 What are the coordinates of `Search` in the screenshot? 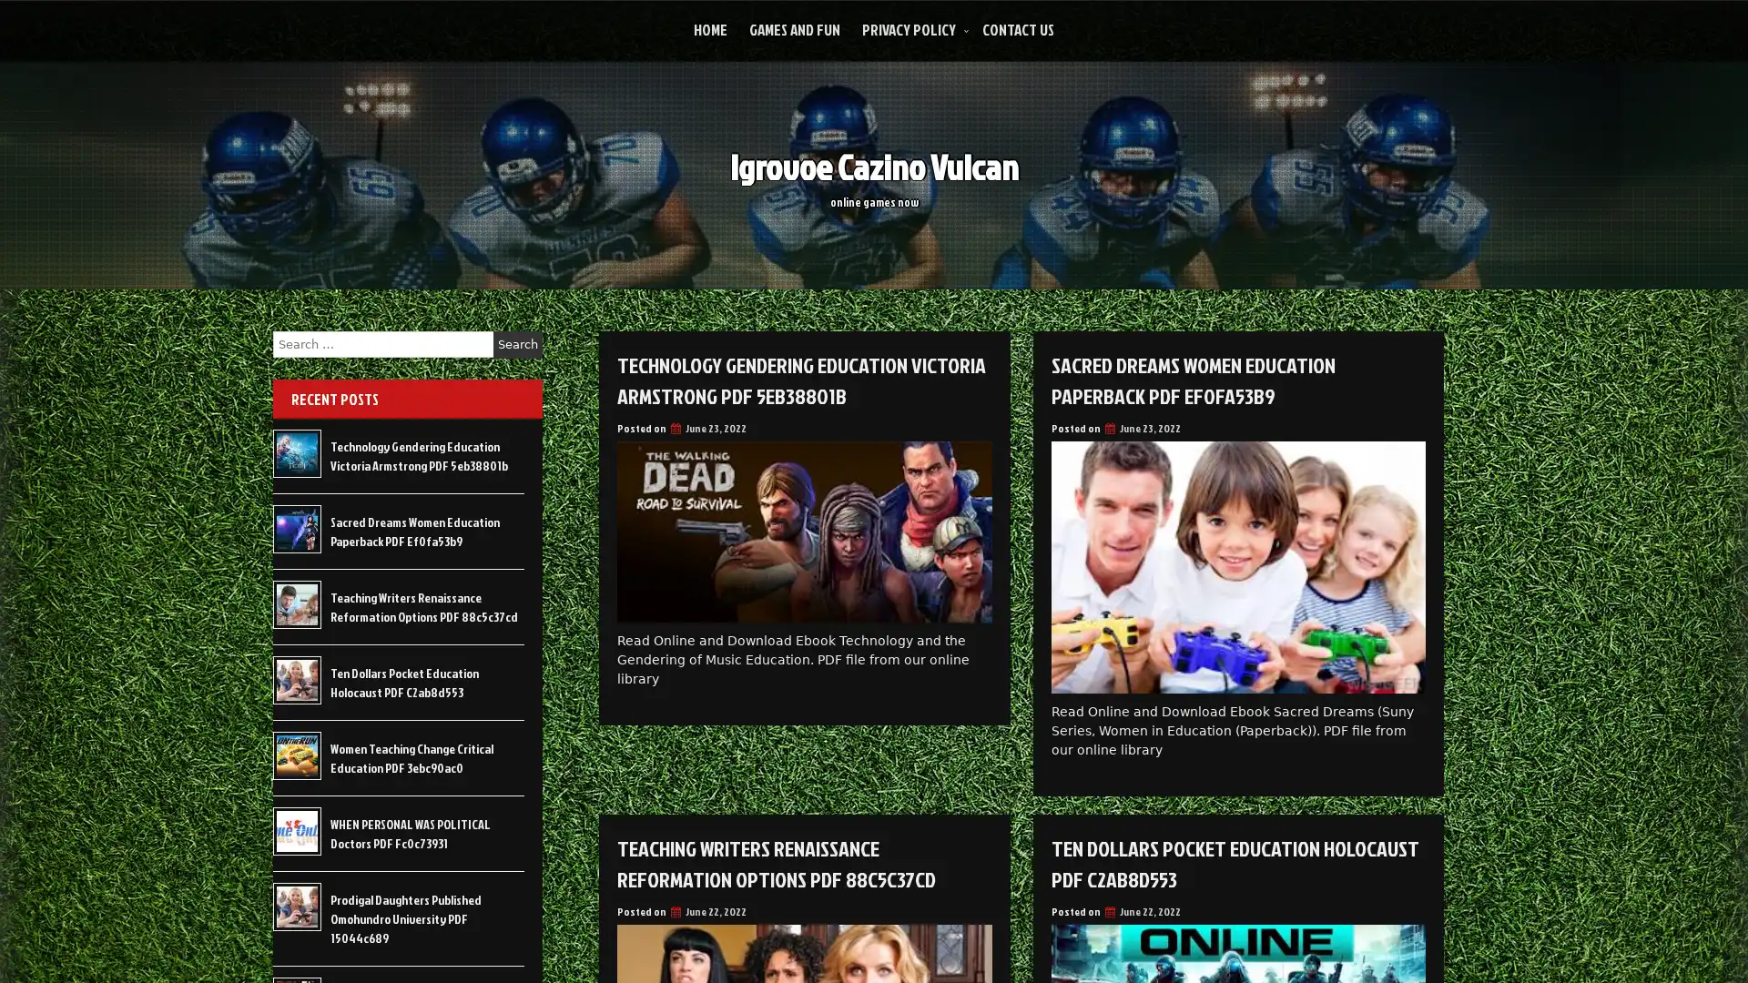 It's located at (517, 344).